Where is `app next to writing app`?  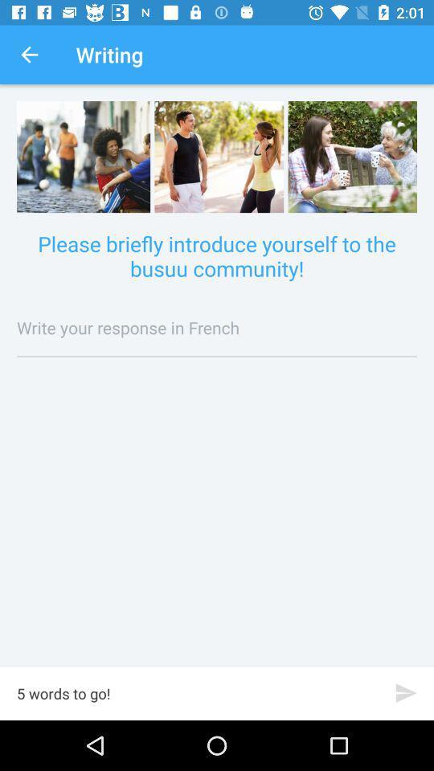 app next to writing app is located at coordinates (29, 55).